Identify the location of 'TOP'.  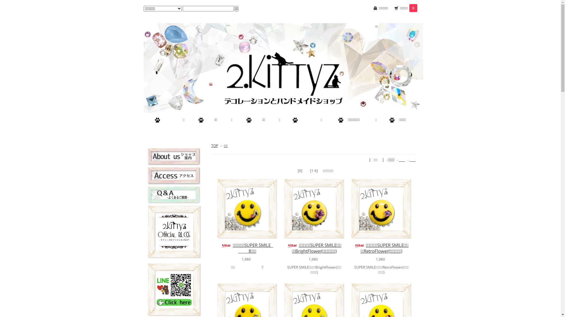
(214, 145).